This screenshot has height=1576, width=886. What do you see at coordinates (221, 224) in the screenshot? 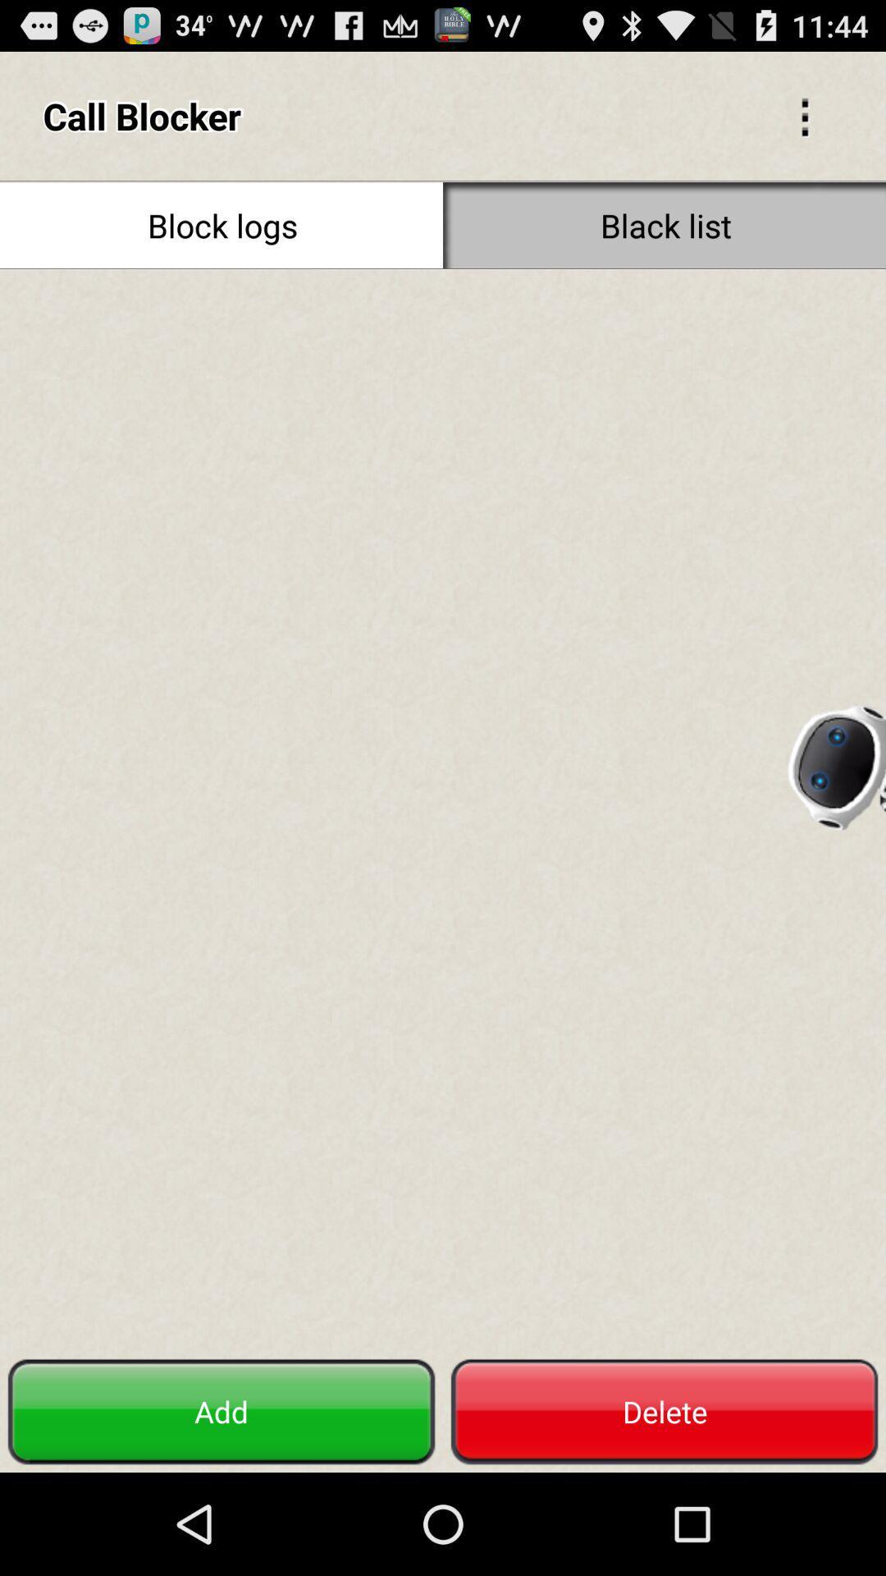
I see `icon at the top left corner` at bounding box center [221, 224].